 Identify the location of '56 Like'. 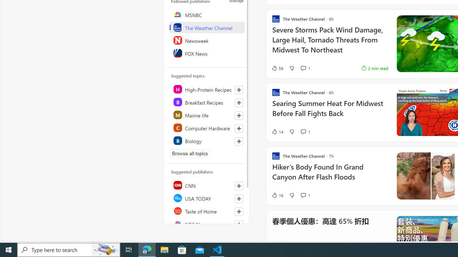
(277, 68).